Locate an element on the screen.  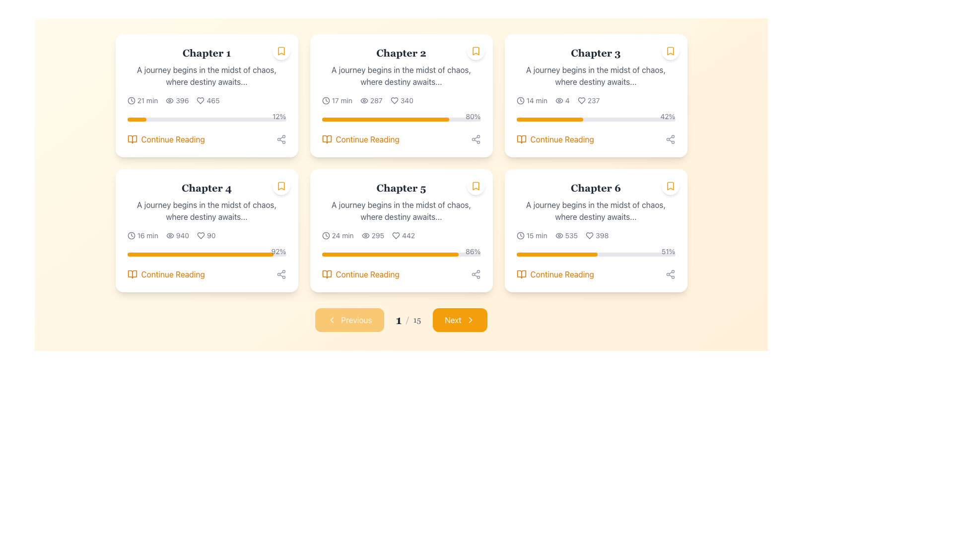
the Label with a clock icon and the text '14 min', located in the top-left section of the third card in the grid layout is located at coordinates (531, 101).